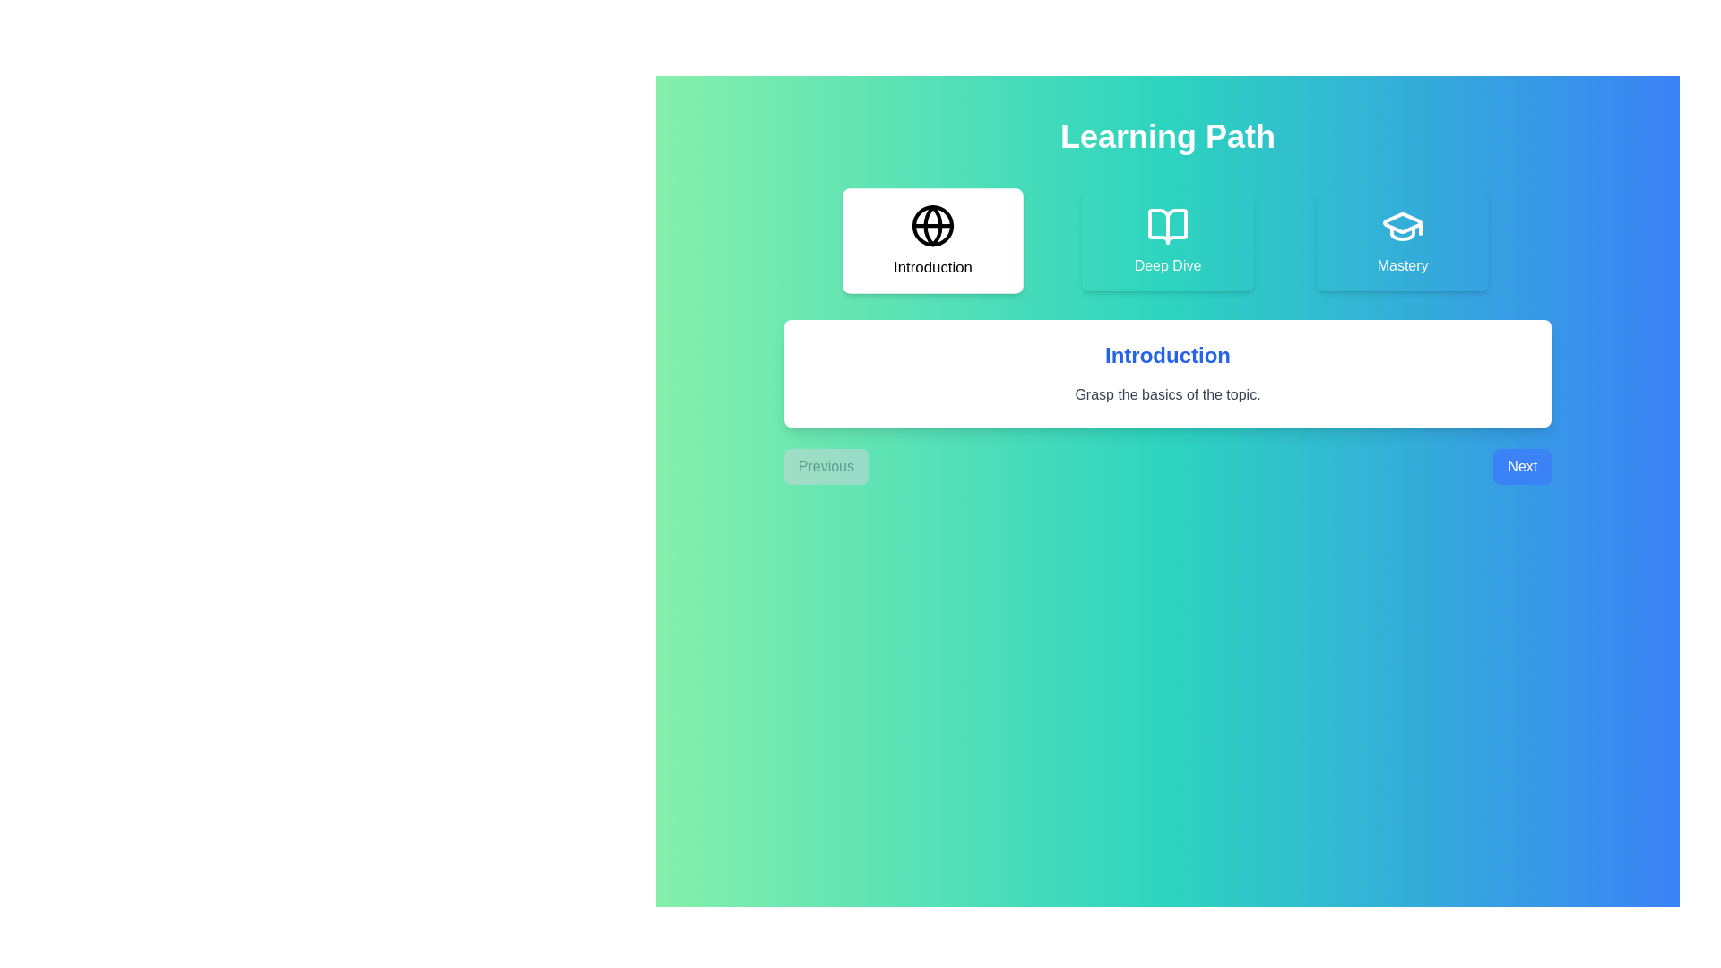 This screenshot has height=968, width=1721. Describe the element at coordinates (1402, 240) in the screenshot. I see `the stage header labeled 'Mastery' to navigate to that stage` at that location.